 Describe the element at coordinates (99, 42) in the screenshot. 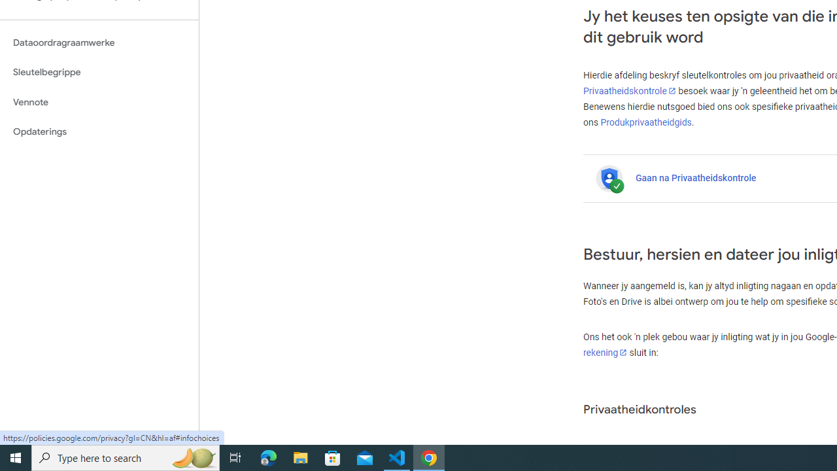

I see `'Dataoordragraamwerke'` at that location.